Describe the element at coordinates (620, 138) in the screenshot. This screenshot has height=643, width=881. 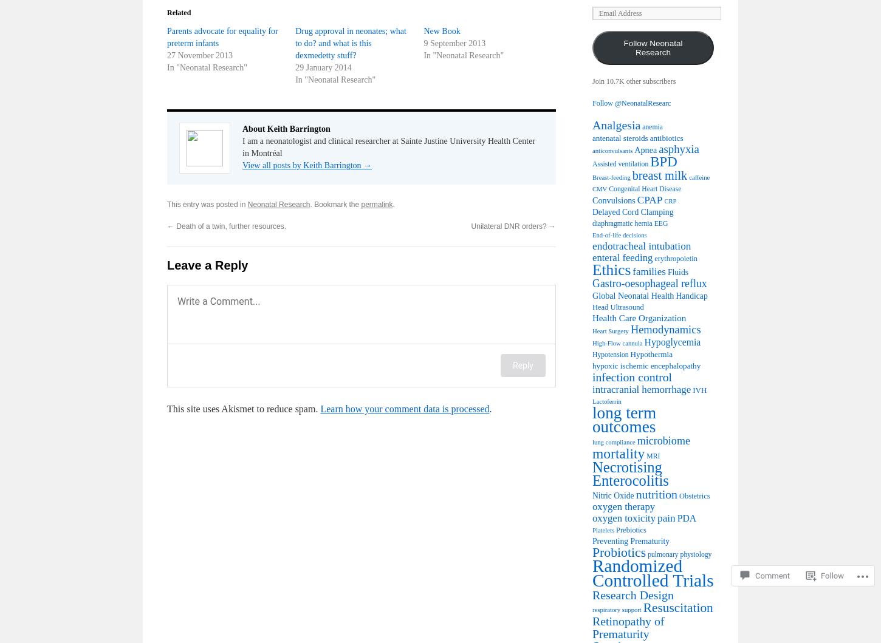
I see `'antenatal steroids'` at that location.